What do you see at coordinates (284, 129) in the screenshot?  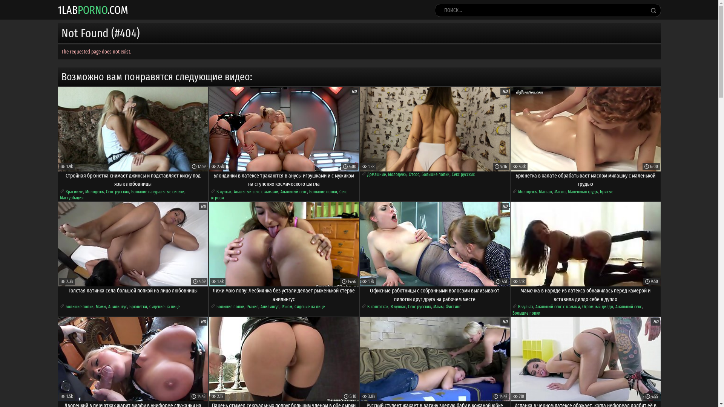 I see `'HD` at bounding box center [284, 129].